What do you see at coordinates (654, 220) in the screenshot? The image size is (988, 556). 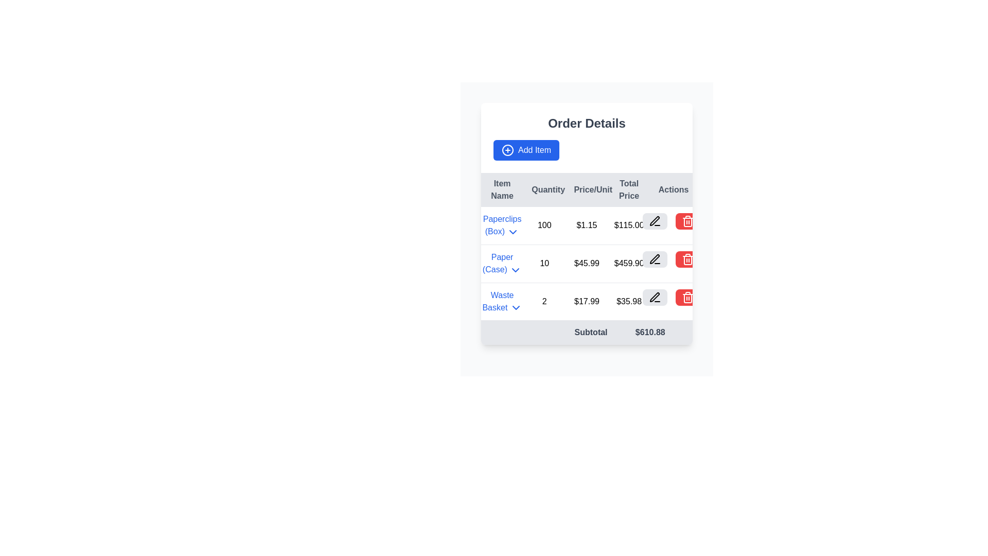 I see `the edit icon (pen-shaped) located in the second row of the 'Actions' column in the 'Order Details' section` at bounding box center [654, 220].